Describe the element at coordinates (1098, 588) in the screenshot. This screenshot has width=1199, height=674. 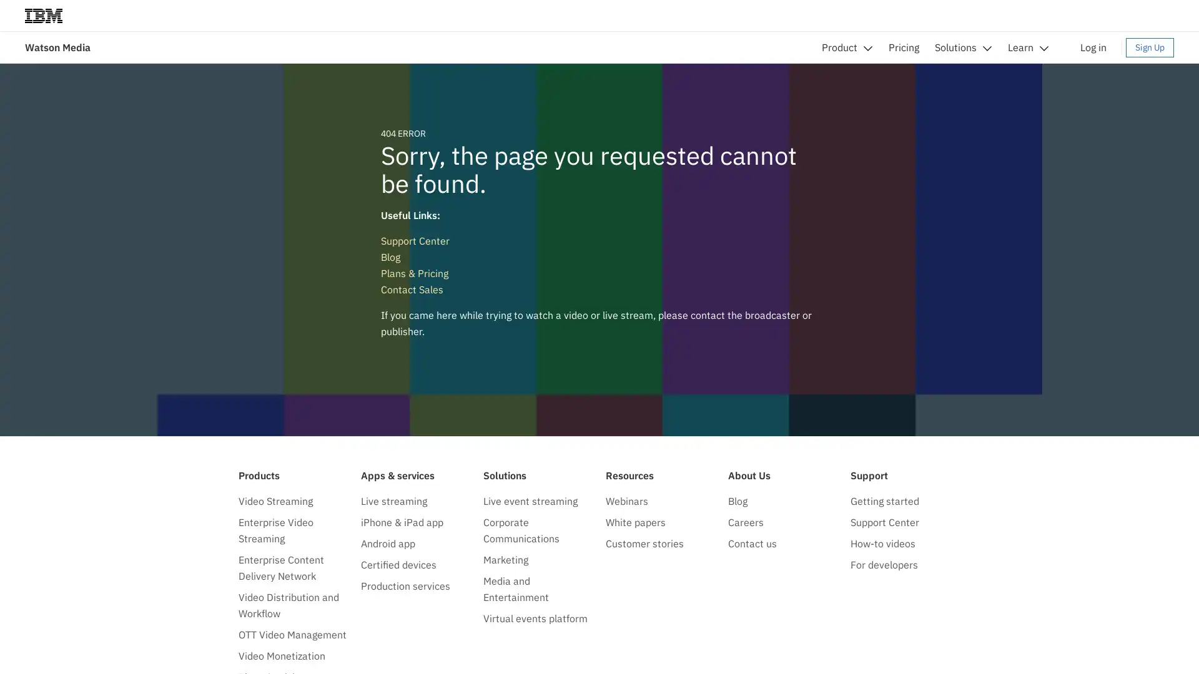
I see `Accept all` at that location.